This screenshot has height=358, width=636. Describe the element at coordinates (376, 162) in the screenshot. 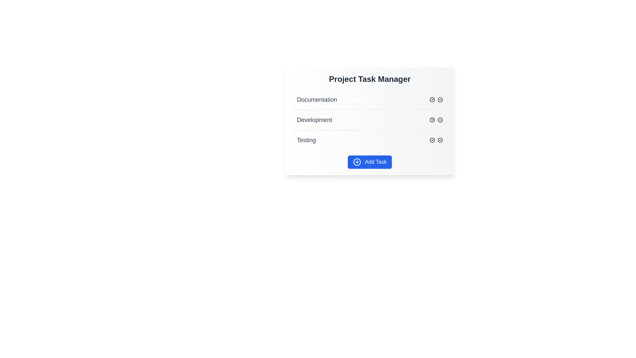

I see `the 'Add Task' button, which is a blue rectangular button at the bottom of the task list section` at that location.